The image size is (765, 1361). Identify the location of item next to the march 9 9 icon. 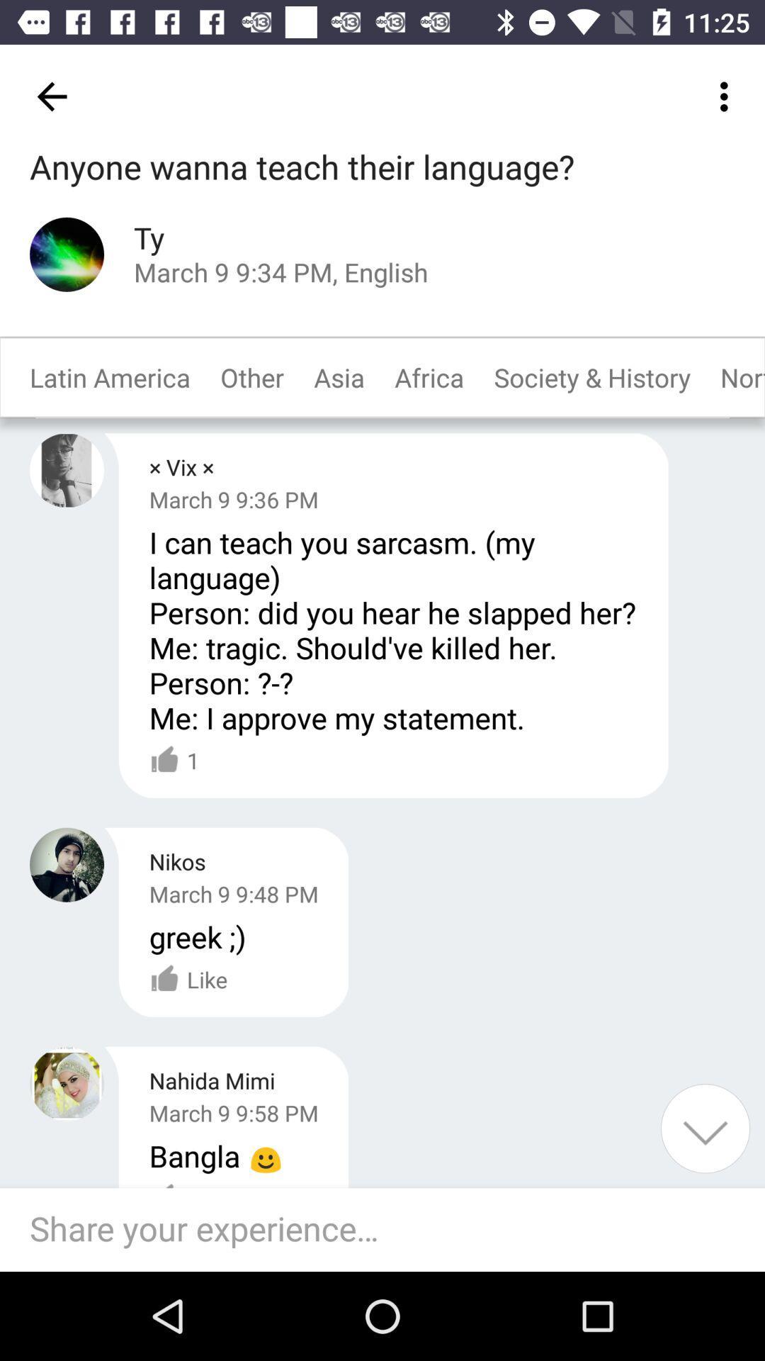
(705, 1128).